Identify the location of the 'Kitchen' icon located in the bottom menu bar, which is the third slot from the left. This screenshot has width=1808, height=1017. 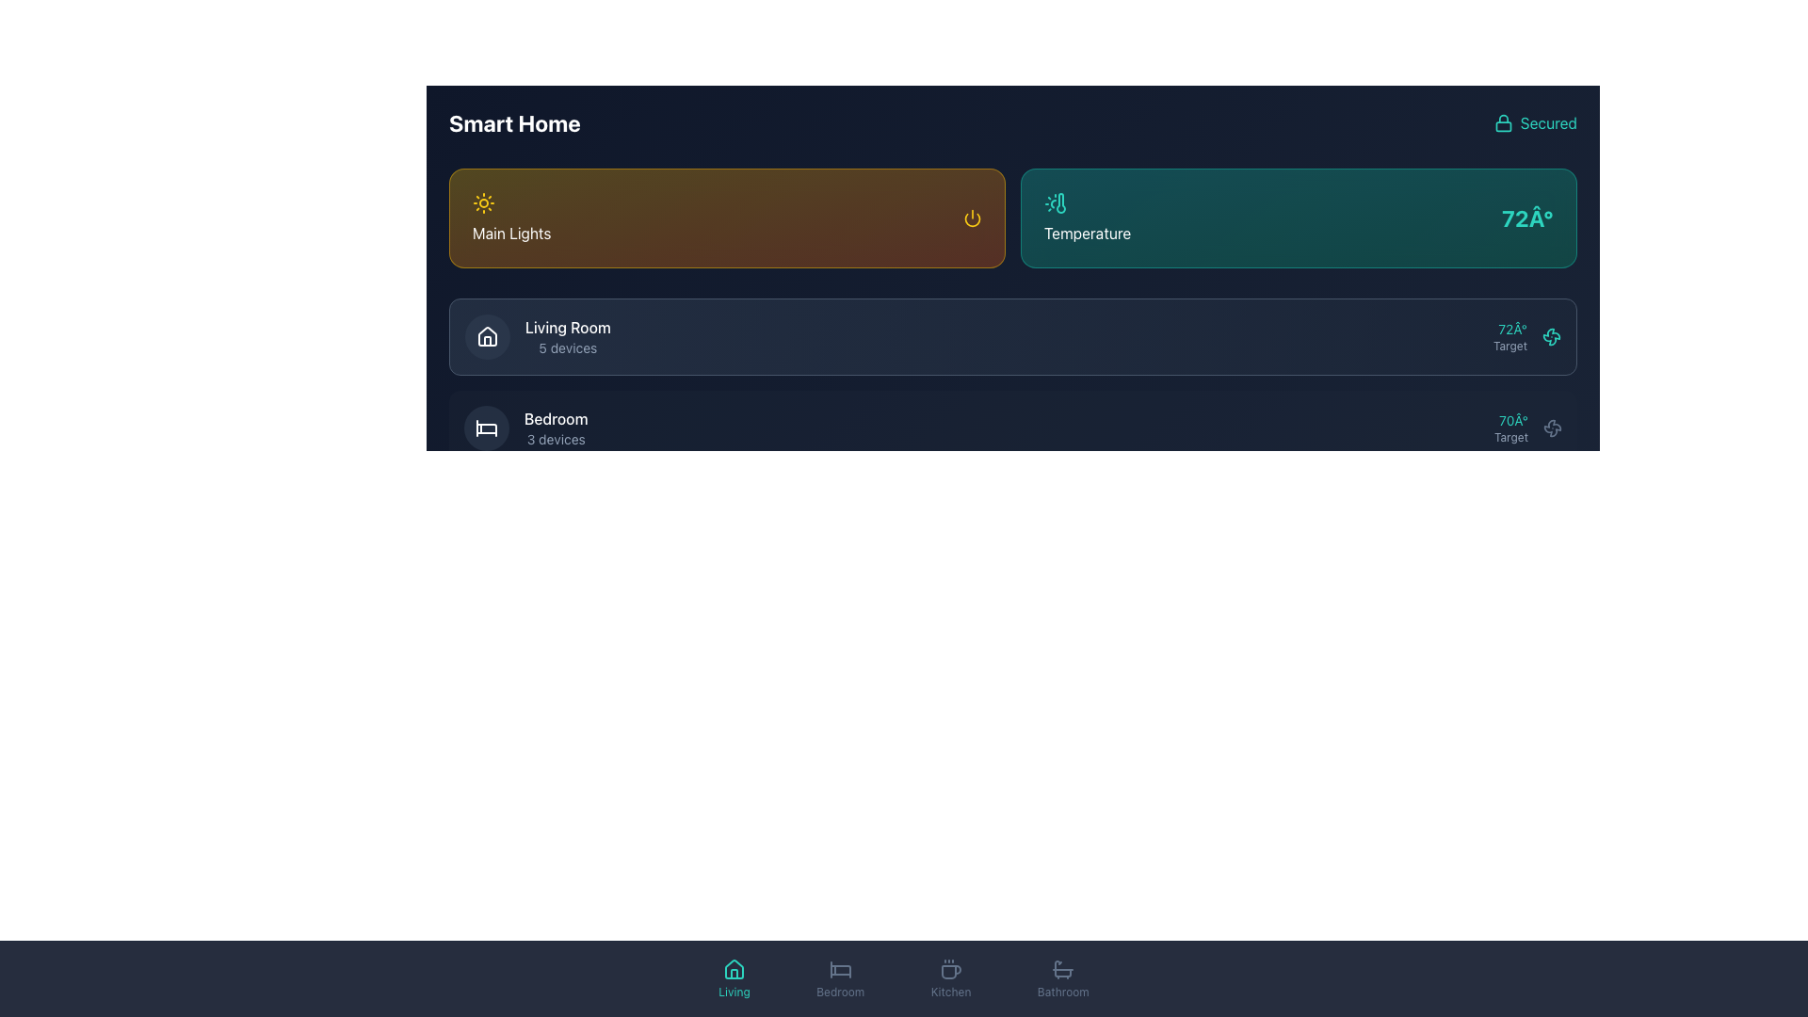
(950, 969).